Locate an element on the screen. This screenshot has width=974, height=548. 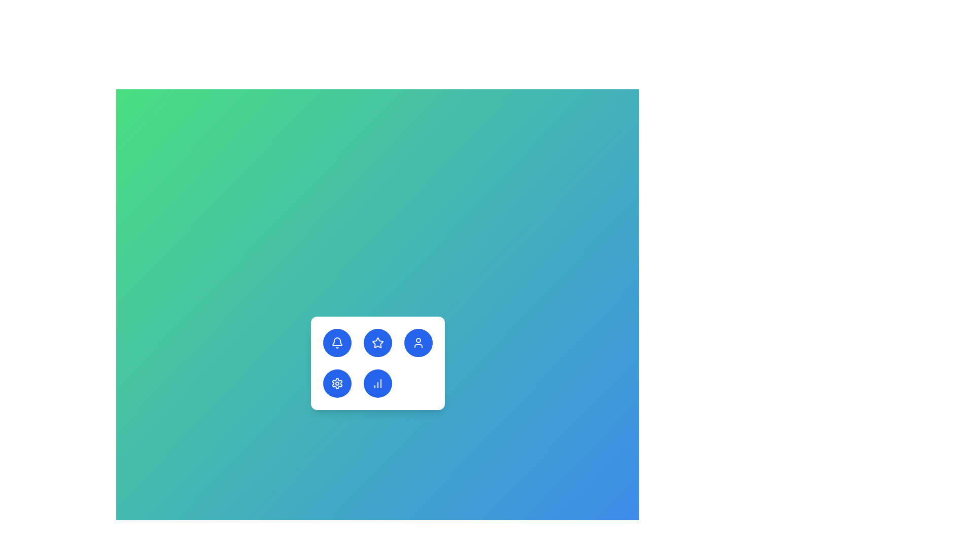
the button located in the center column and second row of a 3x3 grid layout inside a white, rounded rectangular panel is located at coordinates (377, 342).